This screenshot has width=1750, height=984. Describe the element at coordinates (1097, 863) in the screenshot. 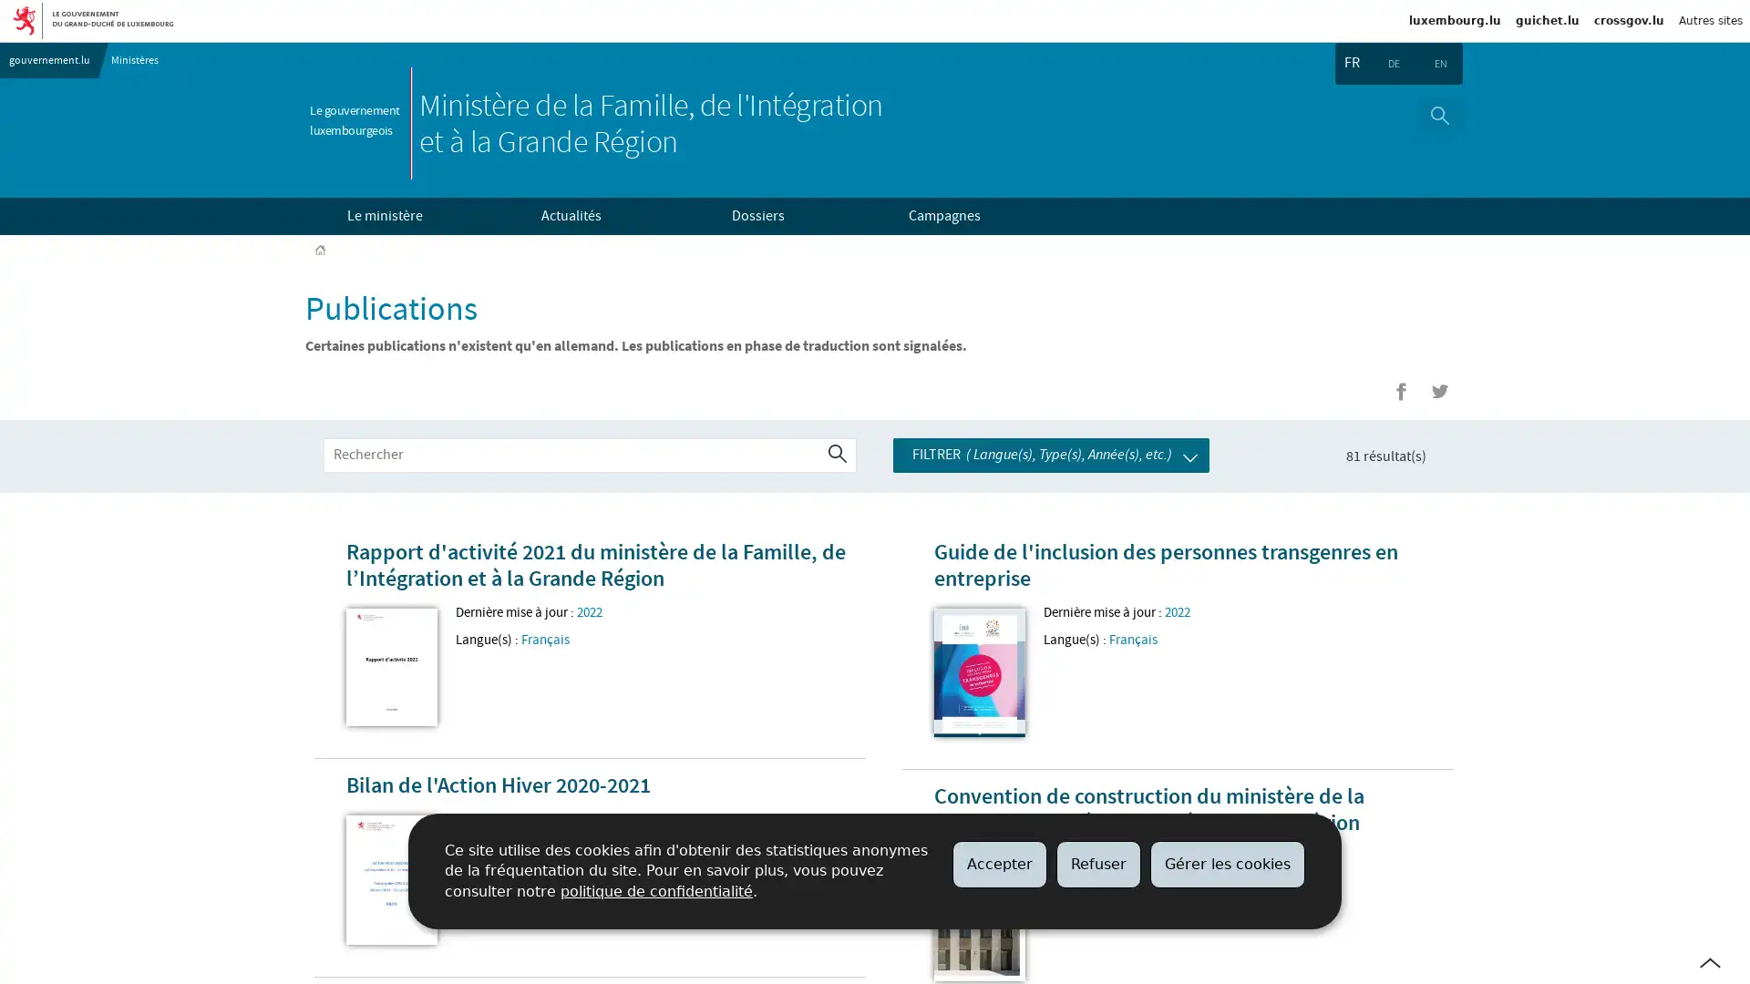

I see `Refuser` at that location.